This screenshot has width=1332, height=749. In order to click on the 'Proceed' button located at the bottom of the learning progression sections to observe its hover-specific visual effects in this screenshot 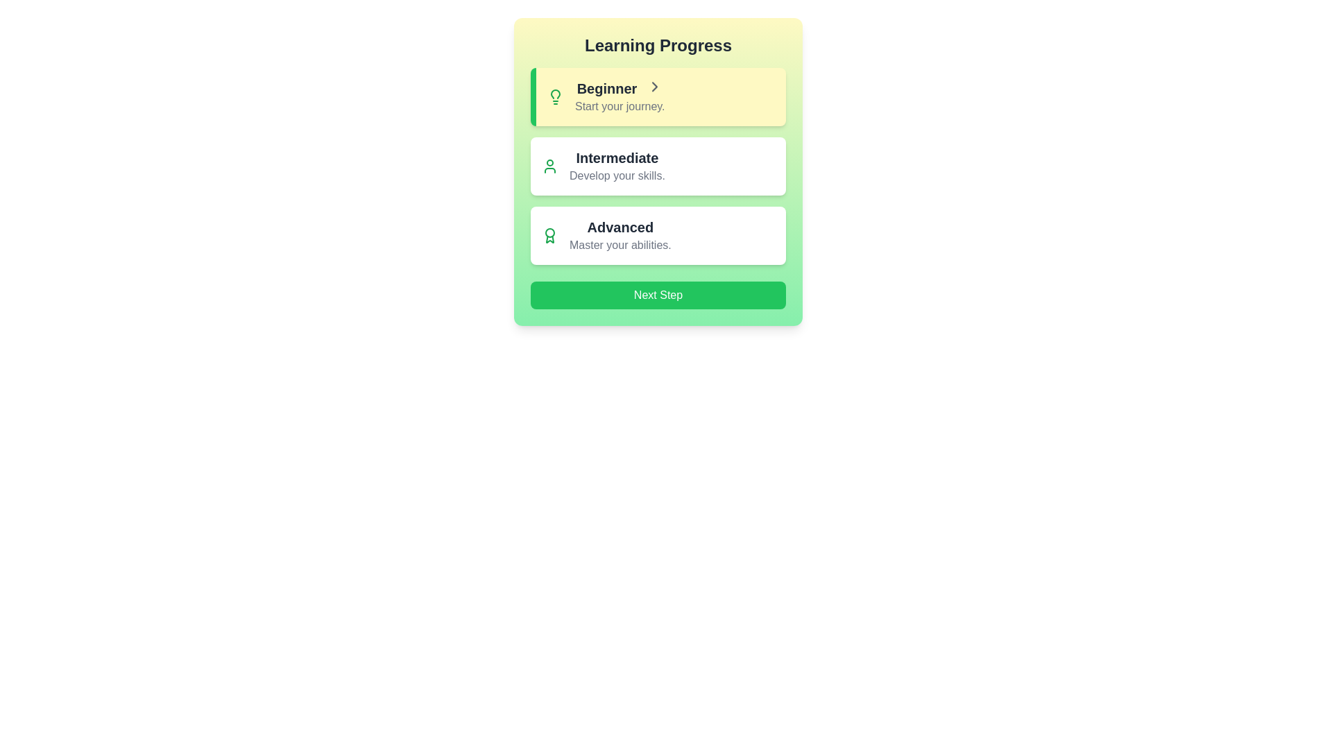, I will do `click(658, 294)`.